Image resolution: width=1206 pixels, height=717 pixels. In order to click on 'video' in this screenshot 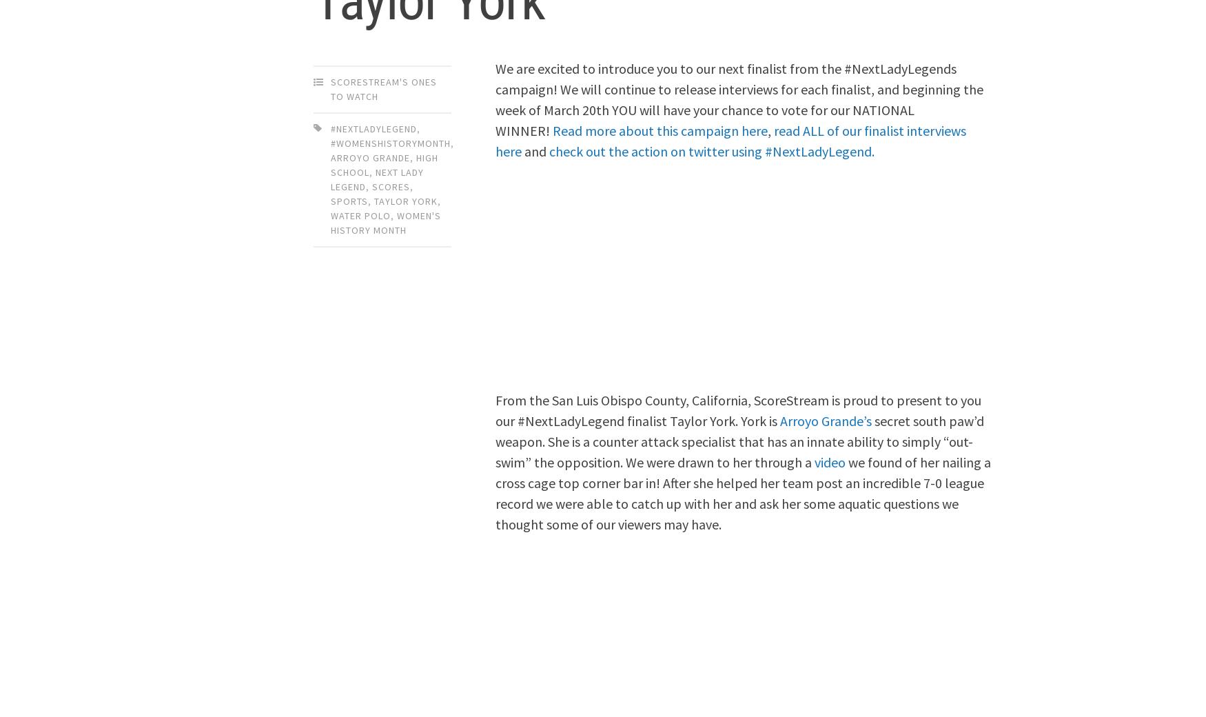, I will do `click(813, 461)`.